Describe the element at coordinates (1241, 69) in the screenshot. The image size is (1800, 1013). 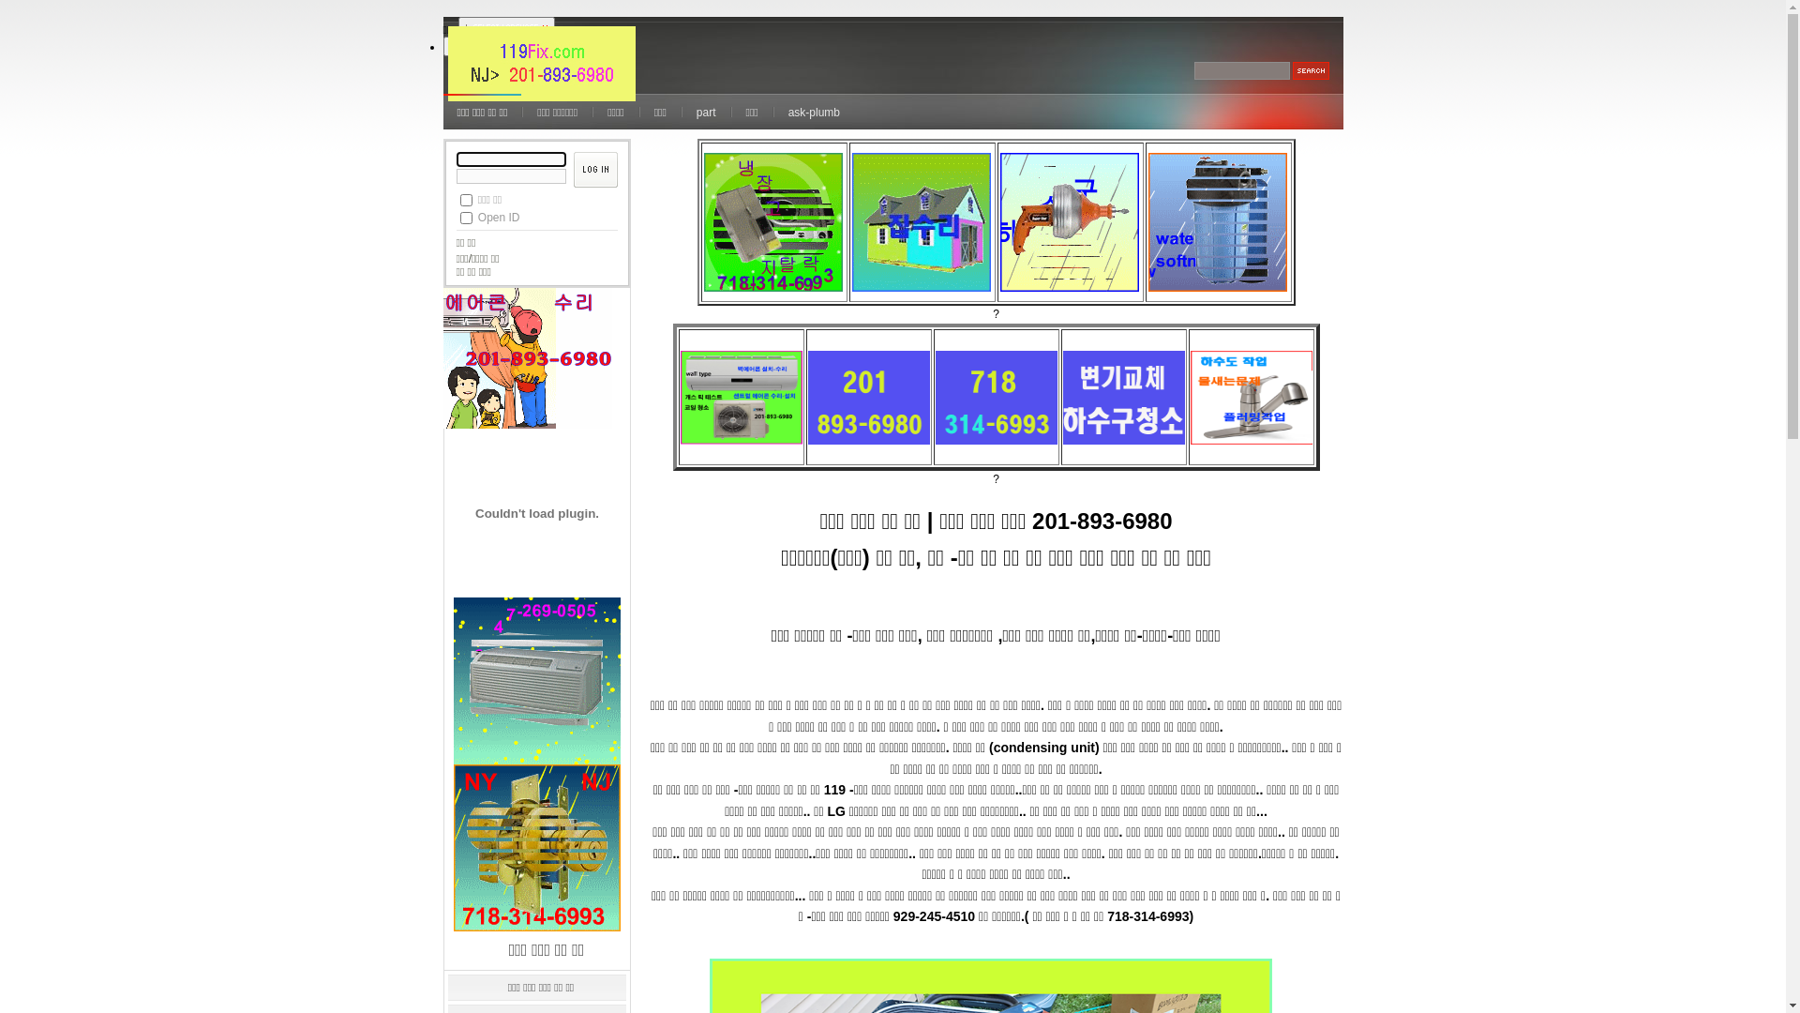
I see `'keyword'` at that location.